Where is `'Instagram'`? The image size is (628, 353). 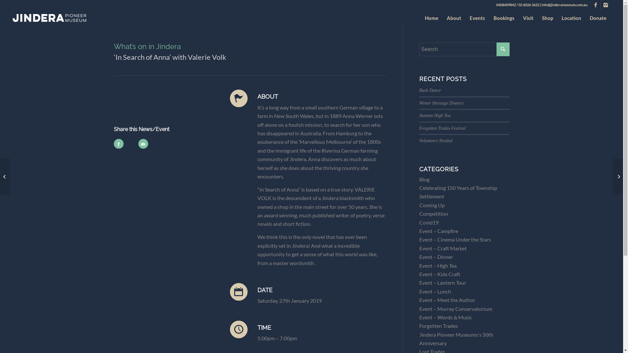
'Instagram' is located at coordinates (601, 5).